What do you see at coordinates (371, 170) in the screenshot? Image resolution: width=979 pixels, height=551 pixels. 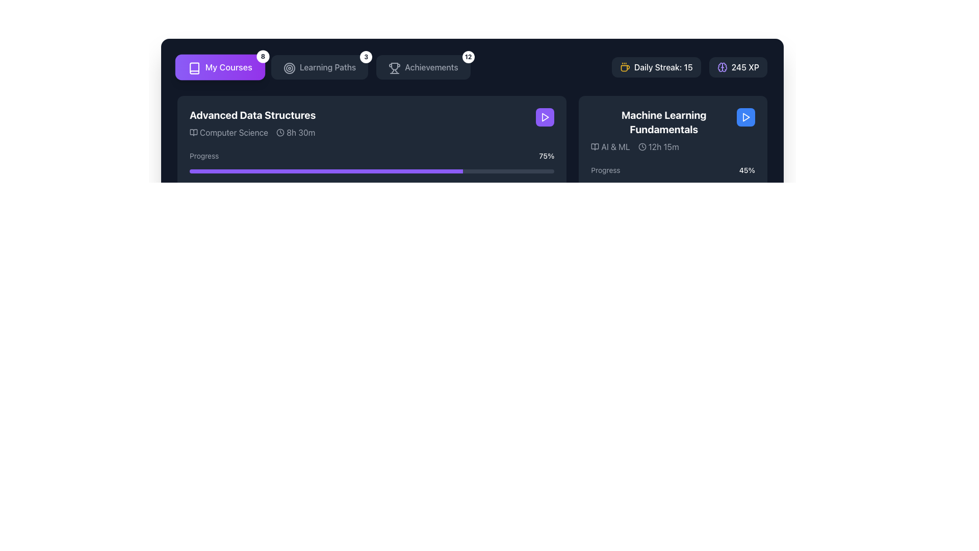 I see `the Progress Bar located beneath the text 'Progress' in the 'Advanced Data Structures' card, which visually indicates a task completion status` at bounding box center [371, 170].